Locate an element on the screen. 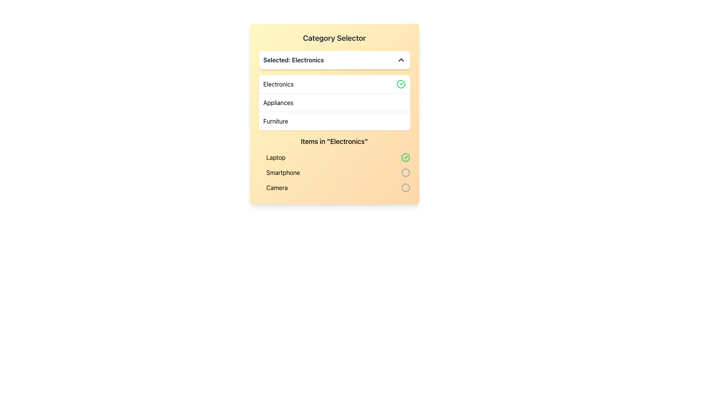 Image resolution: width=726 pixels, height=408 pixels. to select the 'Camera' item from the list in the 'Electronics' section, which is the last item in the vertical list of options is located at coordinates (338, 187).